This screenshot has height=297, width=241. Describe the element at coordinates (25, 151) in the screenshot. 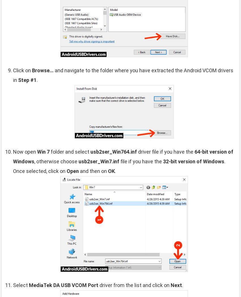

I see `'Now open'` at that location.